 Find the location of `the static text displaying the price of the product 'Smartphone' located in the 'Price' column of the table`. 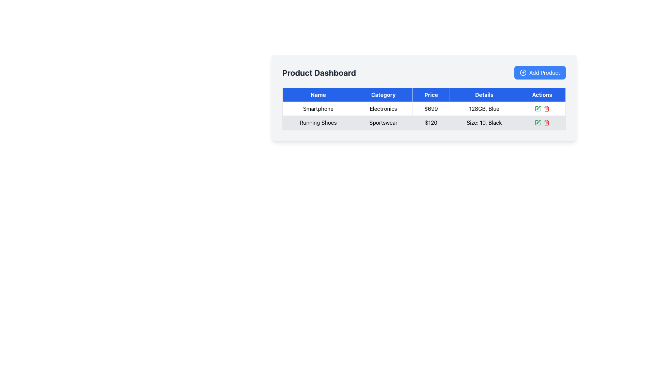

the static text displaying the price of the product 'Smartphone' located in the 'Price' column of the table is located at coordinates (431, 108).